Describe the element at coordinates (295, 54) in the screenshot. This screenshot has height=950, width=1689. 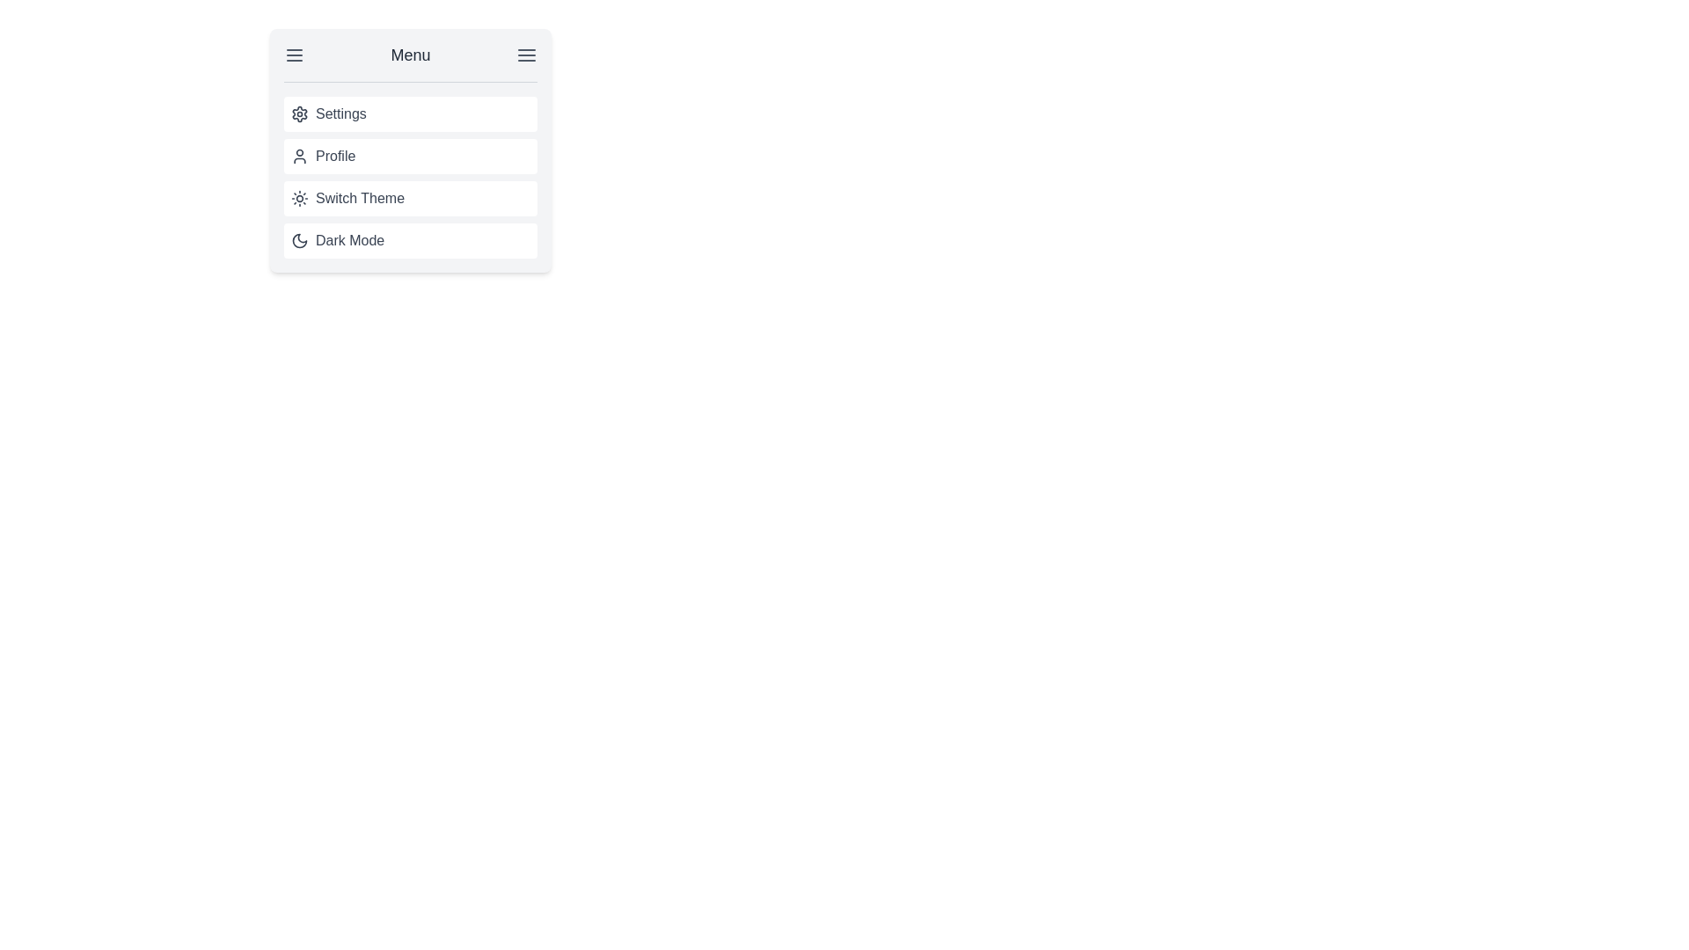
I see `the icon consisting of three horizontal lines in dark gray` at that location.